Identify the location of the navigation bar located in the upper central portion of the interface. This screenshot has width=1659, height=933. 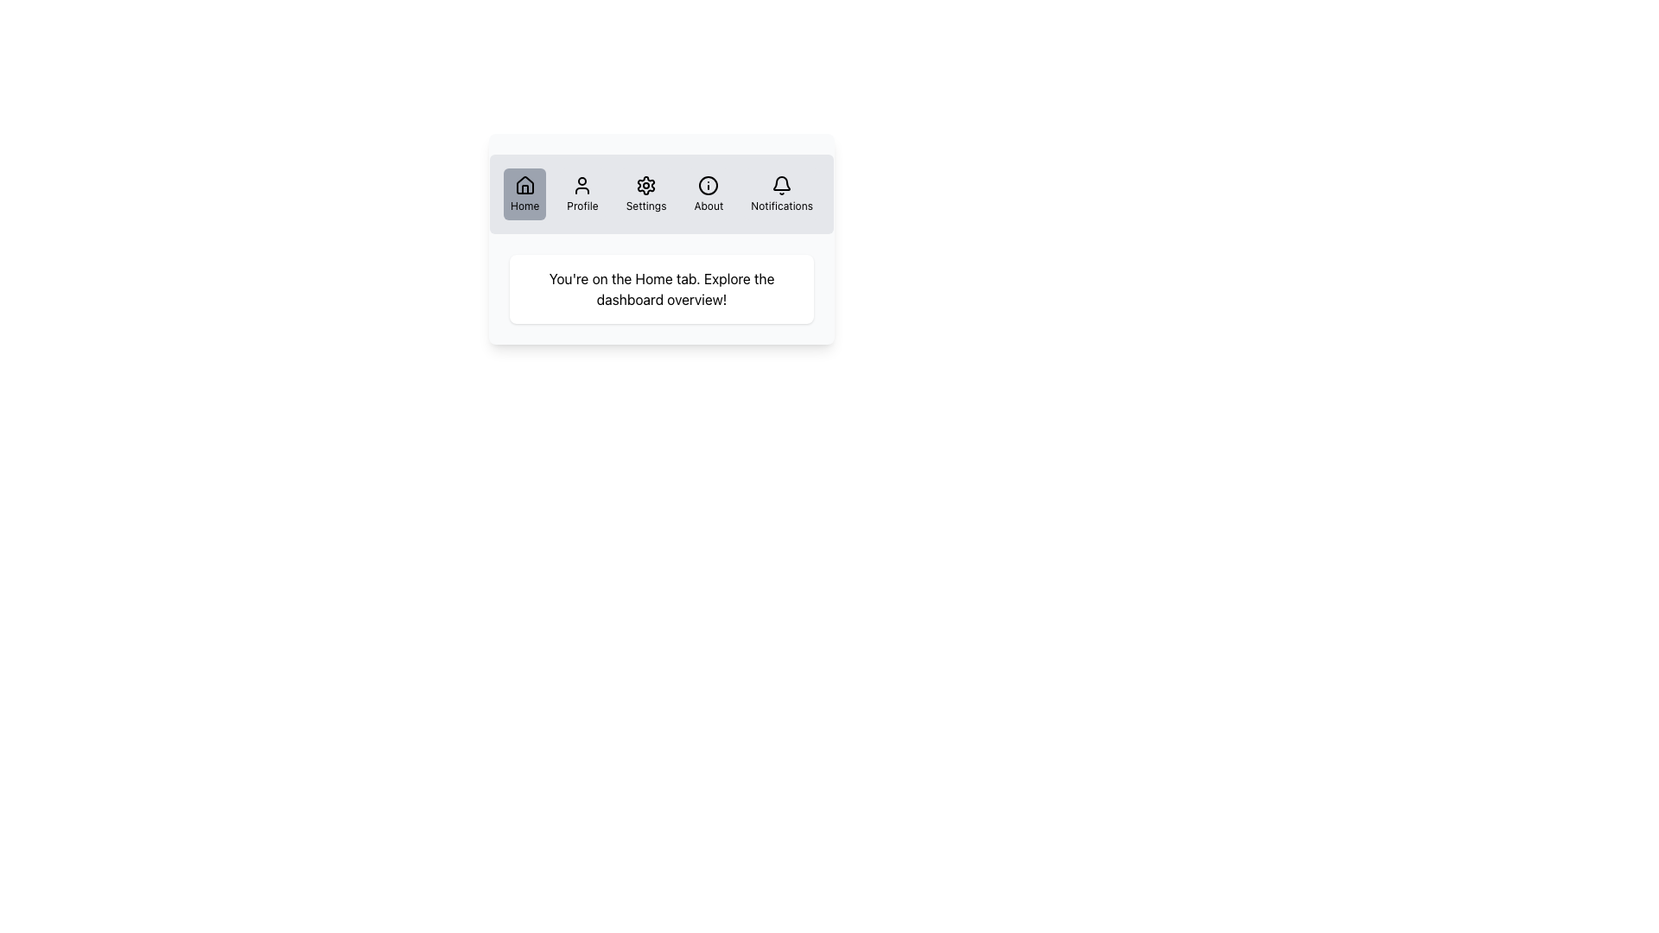
(661, 194).